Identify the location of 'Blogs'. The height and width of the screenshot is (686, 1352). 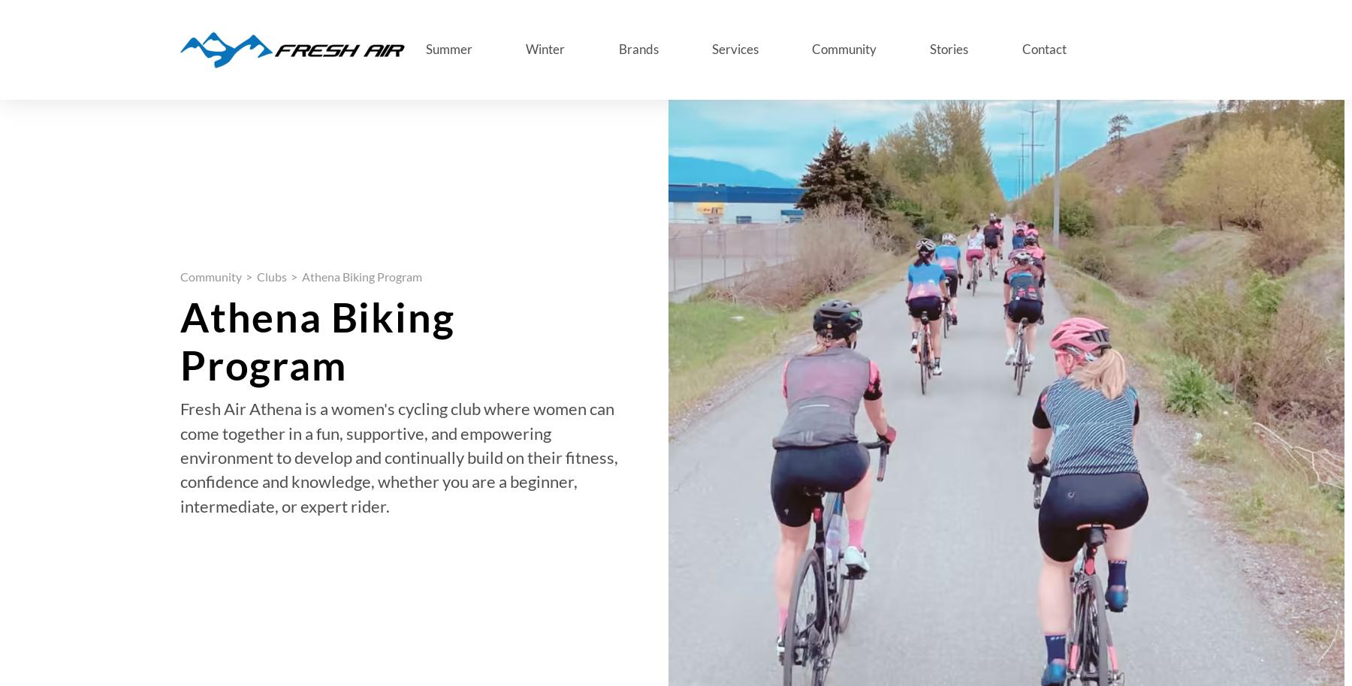
(865, 570).